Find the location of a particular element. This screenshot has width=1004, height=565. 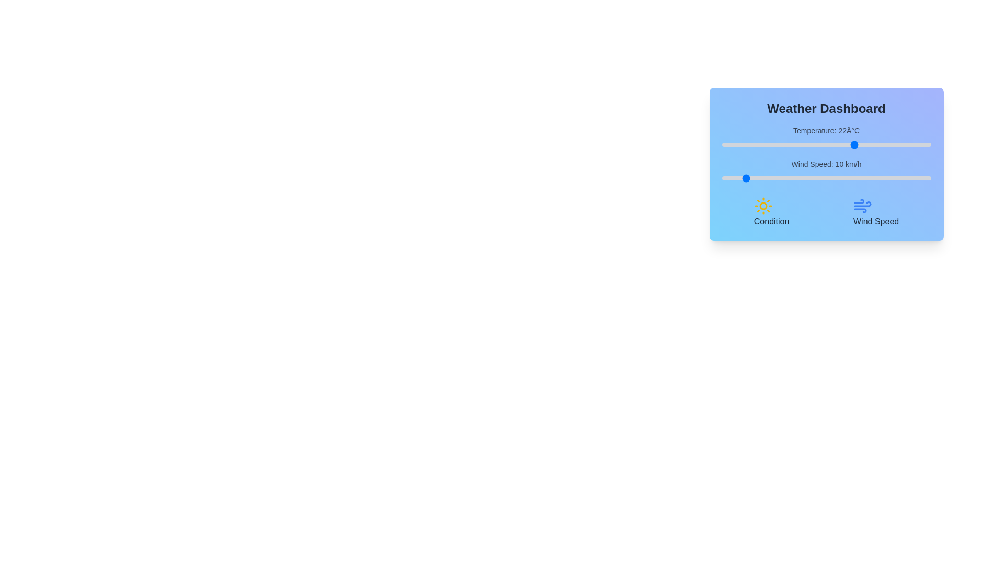

the temperature slider to set the temperature to -4°C is located at coordinates (746, 145).